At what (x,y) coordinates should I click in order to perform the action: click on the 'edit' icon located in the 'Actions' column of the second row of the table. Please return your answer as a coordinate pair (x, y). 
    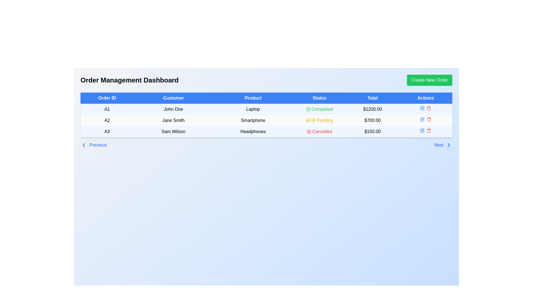
    Looking at the image, I should click on (422, 119).